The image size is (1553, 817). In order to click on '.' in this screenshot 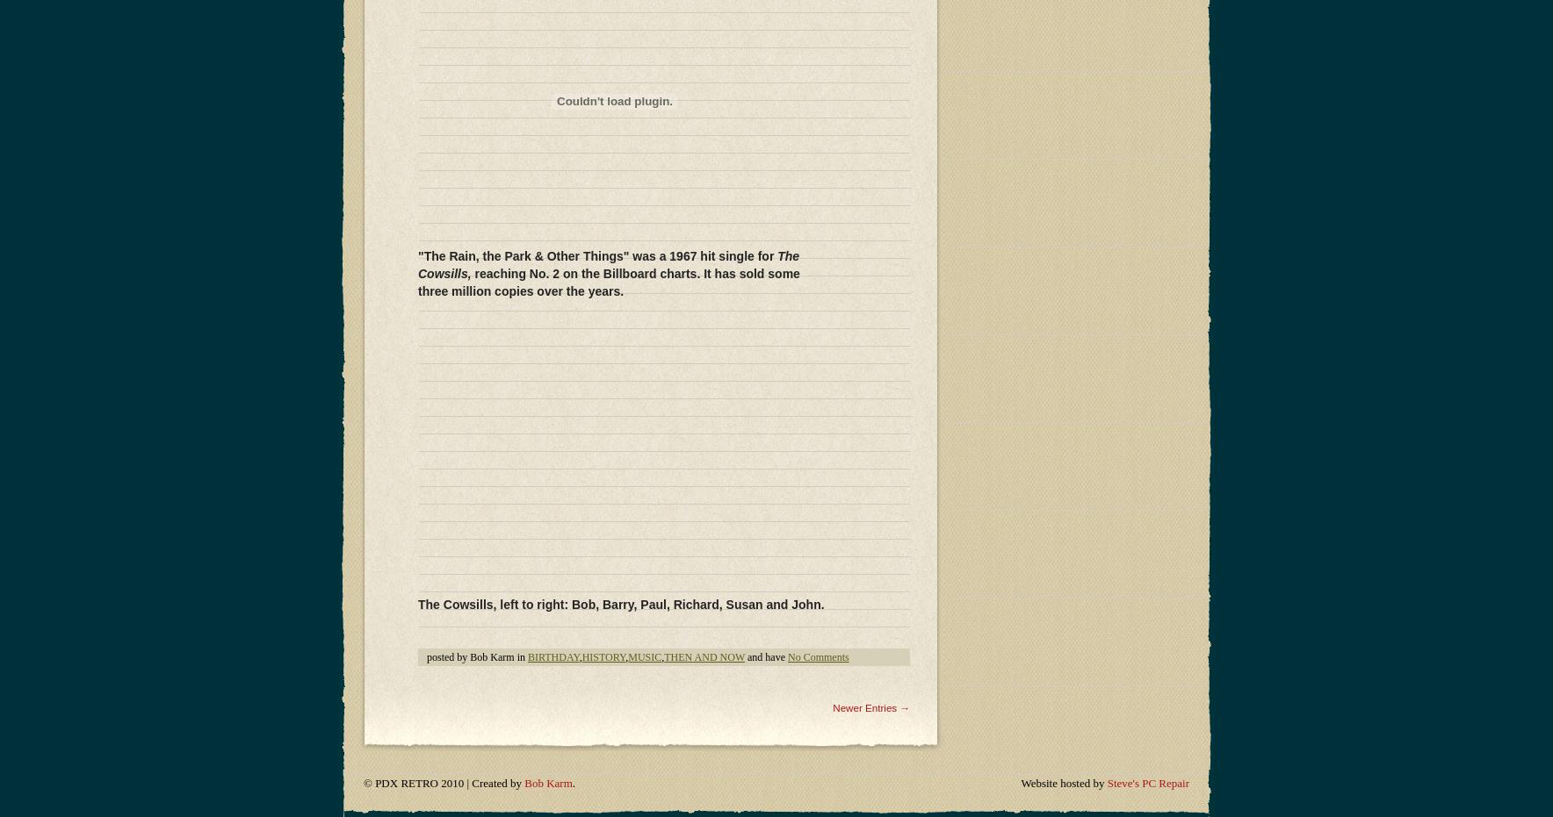, I will do `click(572, 349)`.